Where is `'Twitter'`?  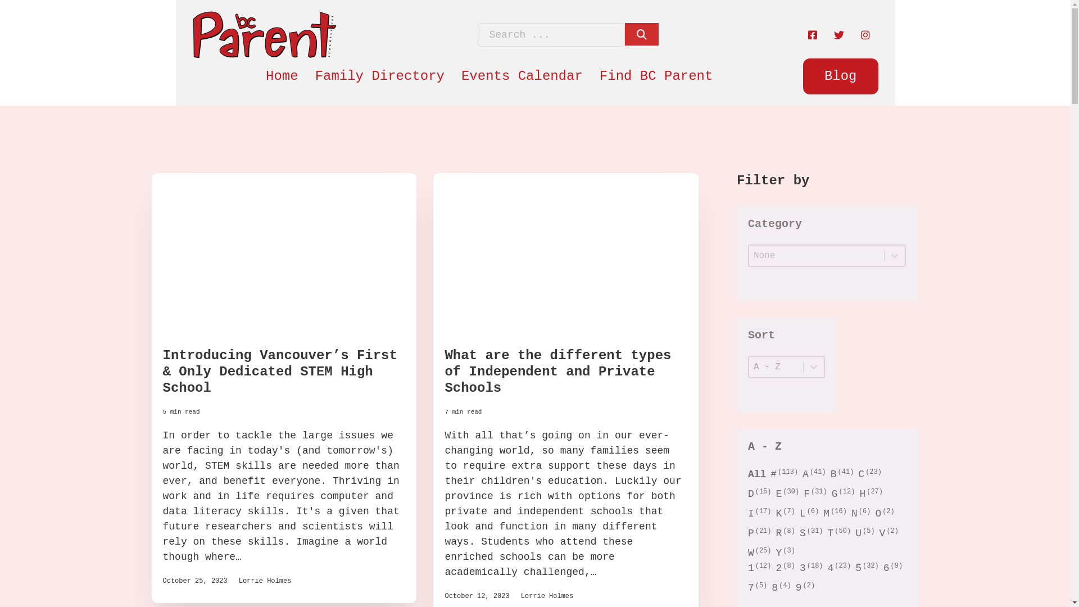 'Twitter' is located at coordinates (838, 34).